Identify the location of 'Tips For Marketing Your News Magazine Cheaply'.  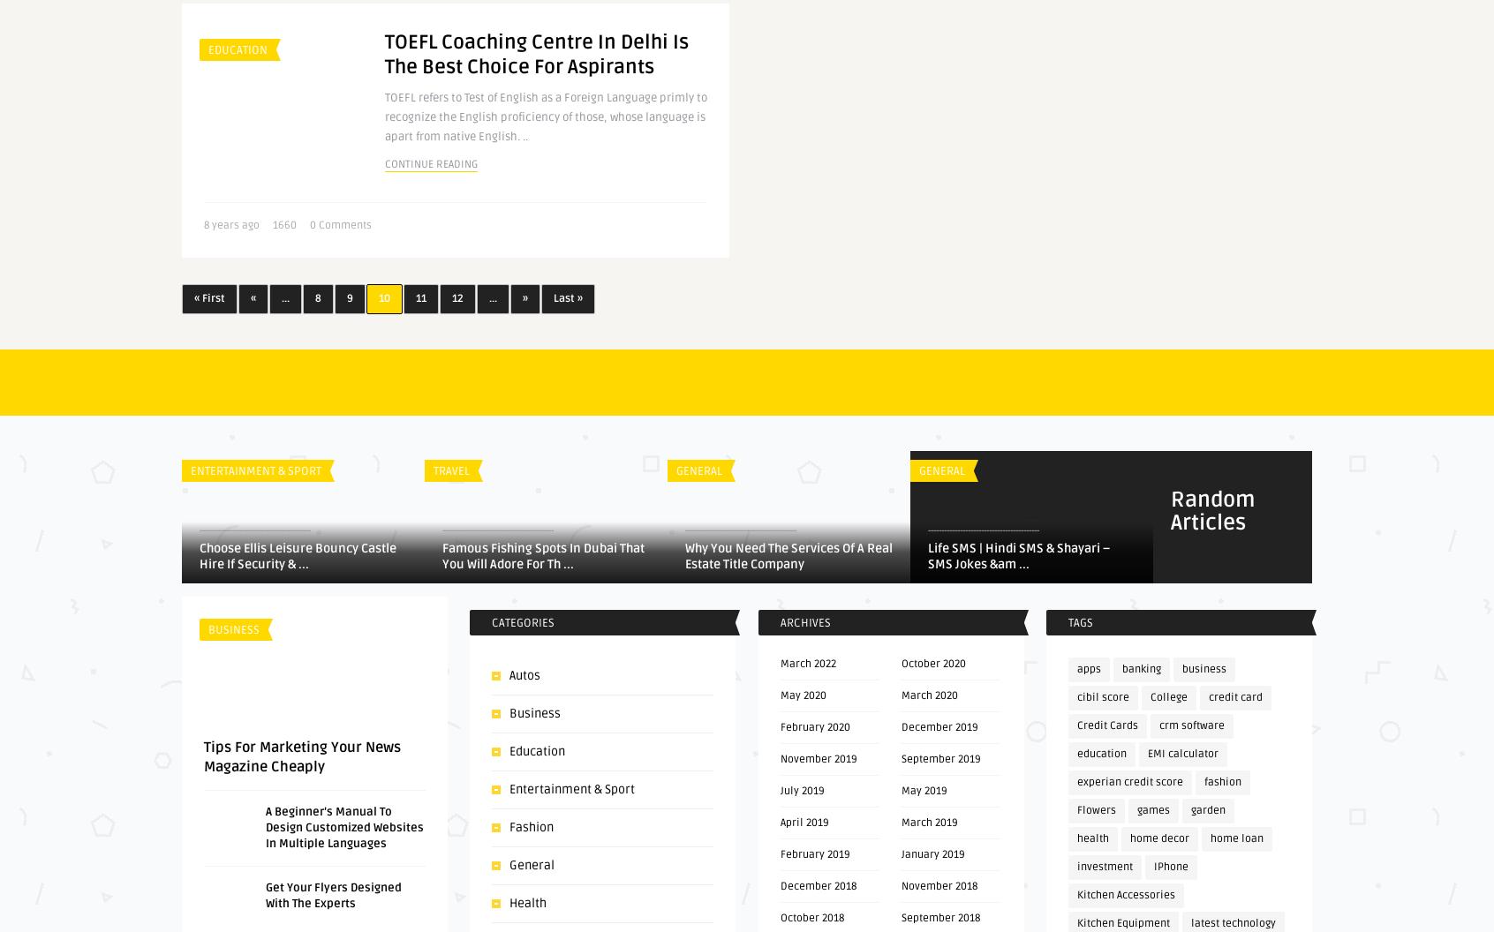
(301, 757).